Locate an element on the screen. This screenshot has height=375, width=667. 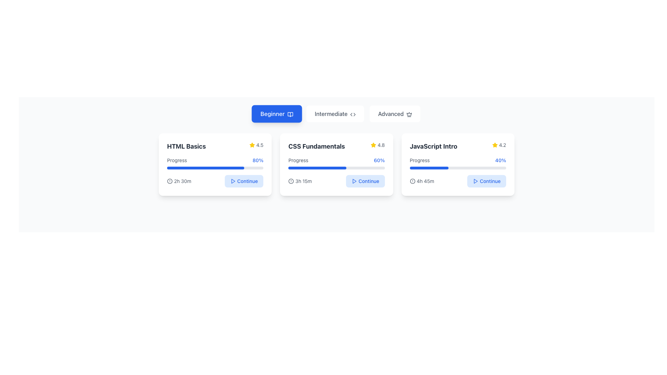
the decorative crown icon located in the center-right of the 'Advanced' button, which indicates a premium feature is located at coordinates (409, 114).